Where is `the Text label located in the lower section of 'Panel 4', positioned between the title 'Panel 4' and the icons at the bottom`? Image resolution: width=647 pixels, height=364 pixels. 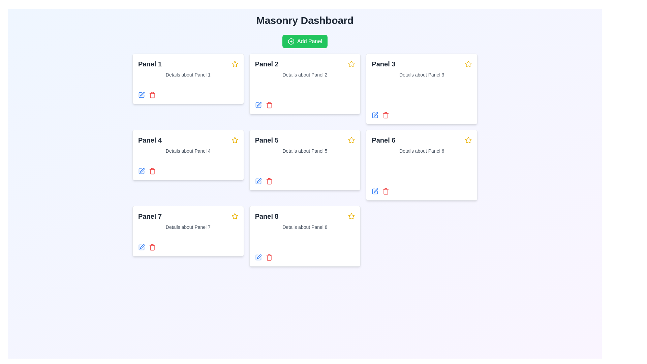 the Text label located in the lower section of 'Panel 4', positioned between the title 'Panel 4' and the icons at the bottom is located at coordinates (188, 150).